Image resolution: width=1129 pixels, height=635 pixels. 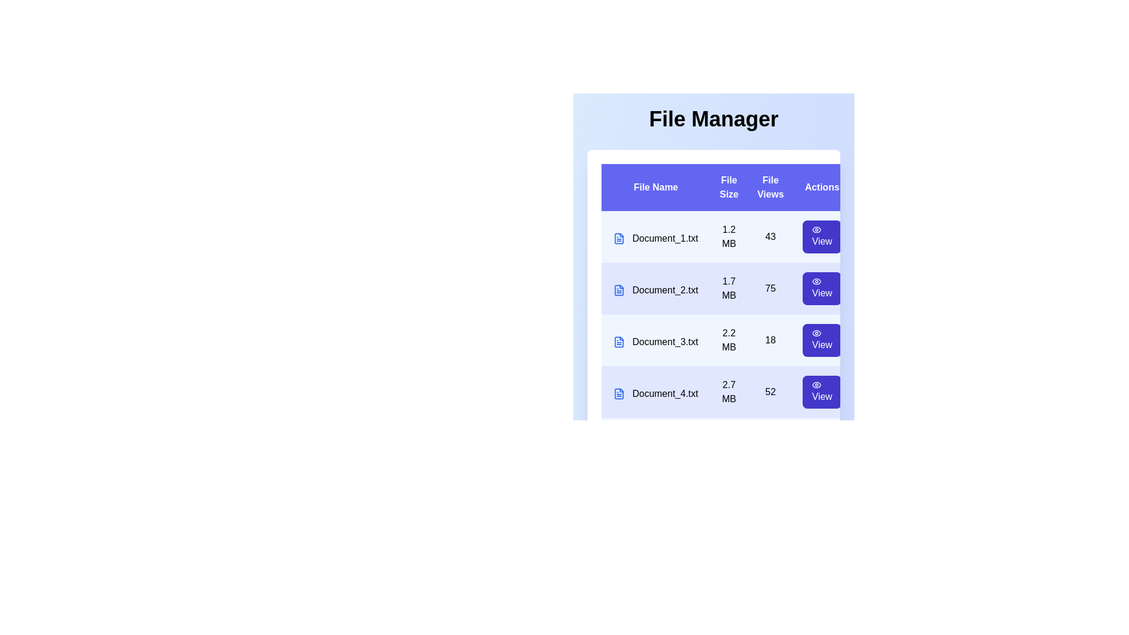 I want to click on the 'View' button for the file with name Document_2.txt, so click(x=821, y=288).